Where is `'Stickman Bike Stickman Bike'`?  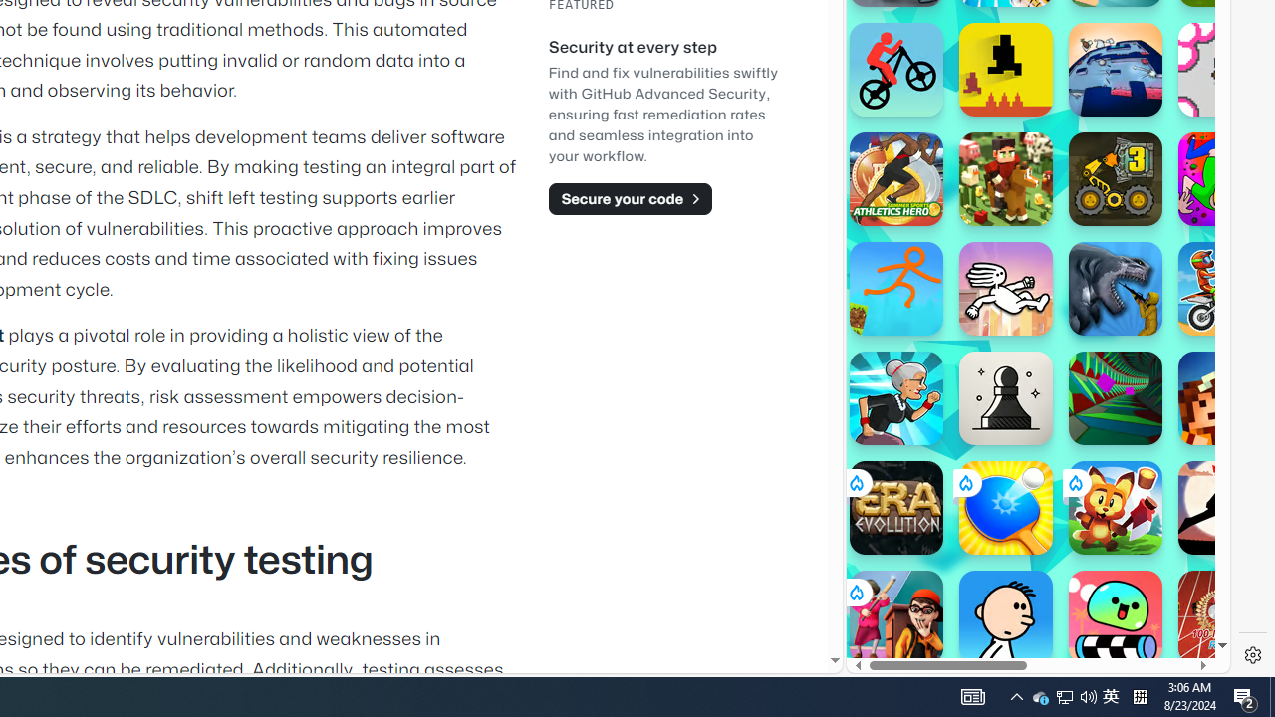
'Stickman Bike Stickman Bike' is located at coordinates (894, 68).